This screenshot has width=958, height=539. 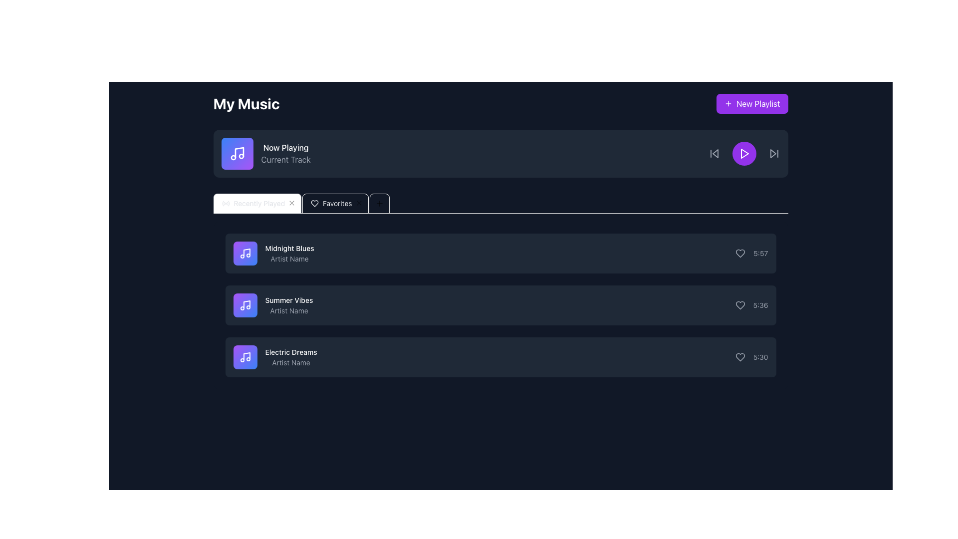 What do you see at coordinates (245, 357) in the screenshot?
I see `the Thumbnail button, which is a square button with a gradient background from purple to blue and a white music note icon in the center` at bounding box center [245, 357].